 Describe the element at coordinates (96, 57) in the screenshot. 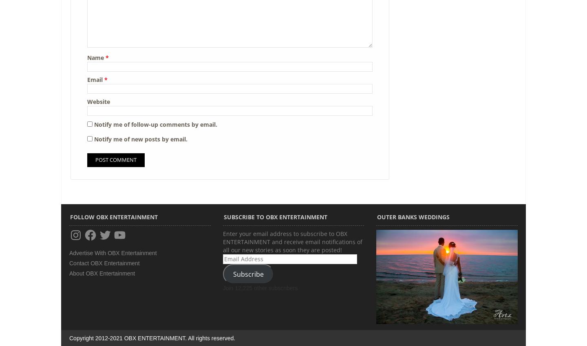

I see `'Name'` at that location.